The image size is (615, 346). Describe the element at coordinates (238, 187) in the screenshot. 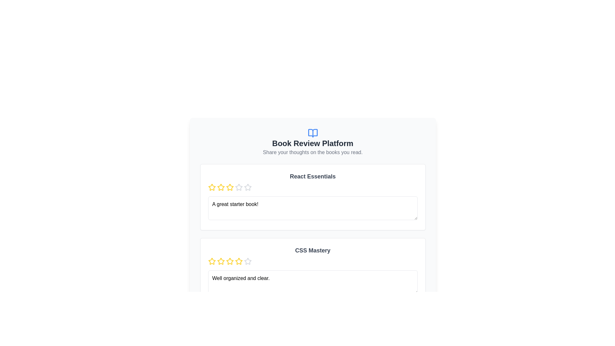

I see `the third star icon in the rating system within the 'React Essentials' review section` at that location.